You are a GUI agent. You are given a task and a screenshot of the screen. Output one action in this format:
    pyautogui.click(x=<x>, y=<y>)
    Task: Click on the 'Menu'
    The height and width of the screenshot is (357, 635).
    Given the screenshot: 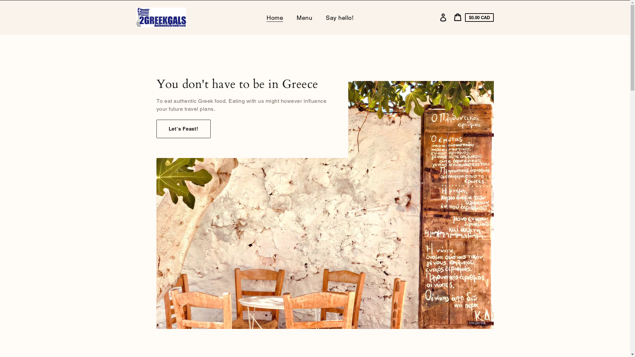 What is the action you would take?
    pyautogui.click(x=305, y=17)
    